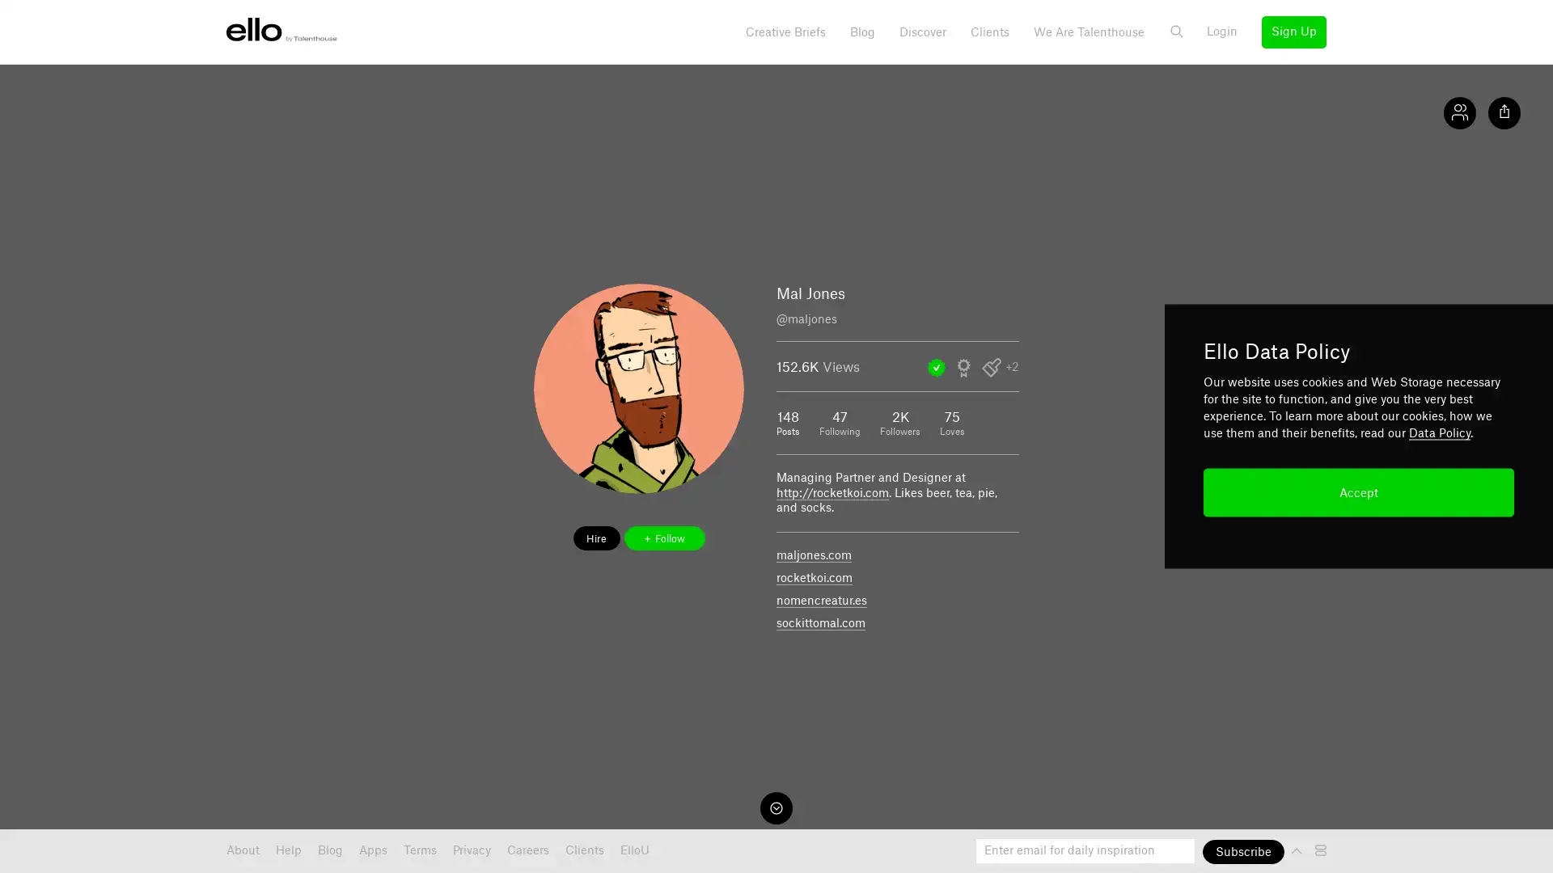 The height and width of the screenshot is (873, 1553). I want to click on Featured, so click(936, 368).